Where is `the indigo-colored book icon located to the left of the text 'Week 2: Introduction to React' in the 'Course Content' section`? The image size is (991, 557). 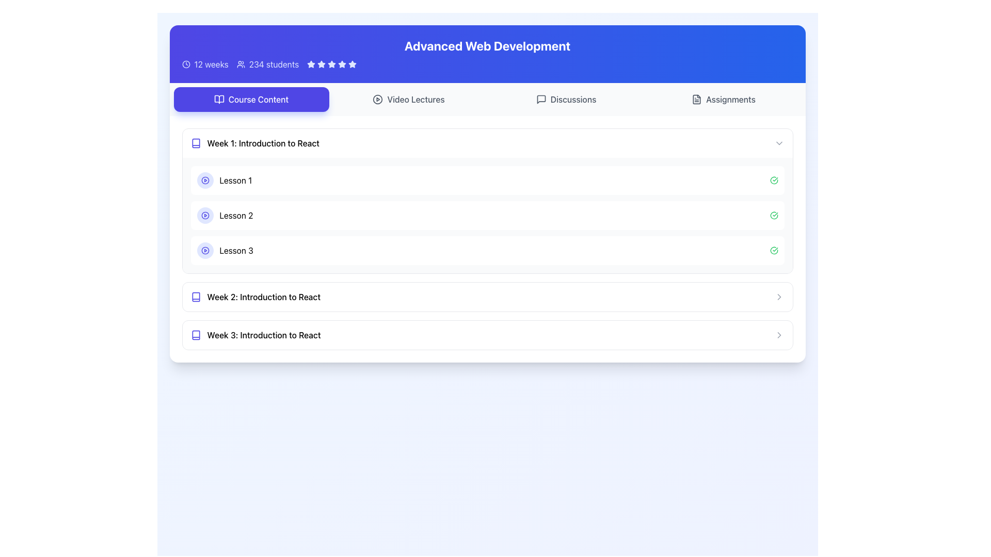 the indigo-colored book icon located to the left of the text 'Week 2: Introduction to React' in the 'Course Content' section is located at coordinates (196, 297).